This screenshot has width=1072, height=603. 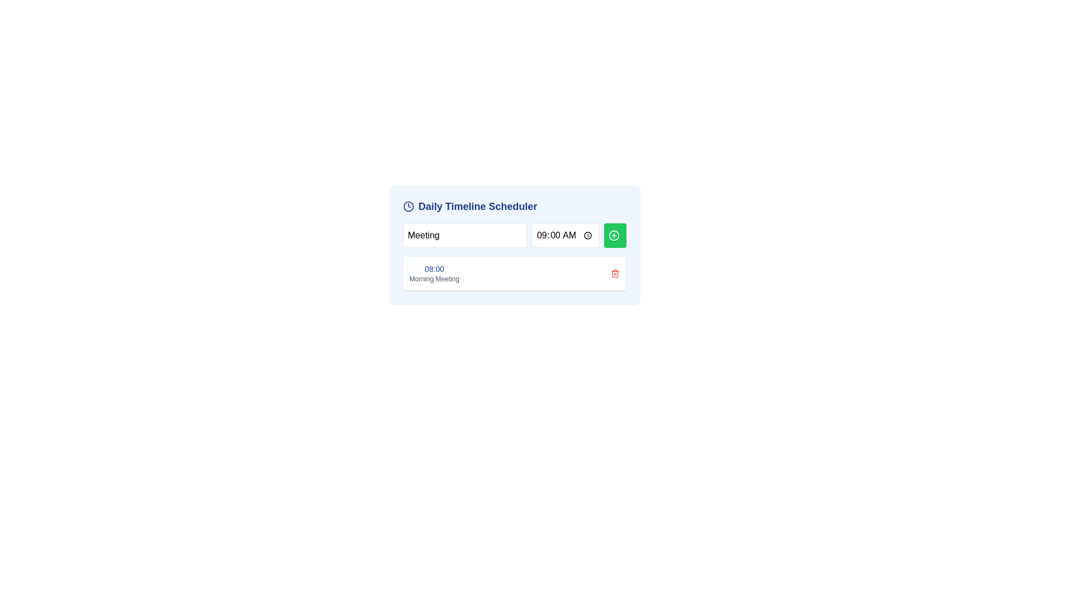 I want to click on the text label that describes the scheduled event, located below the blue time label '08:00' in the timeline entry block, so click(x=434, y=279).